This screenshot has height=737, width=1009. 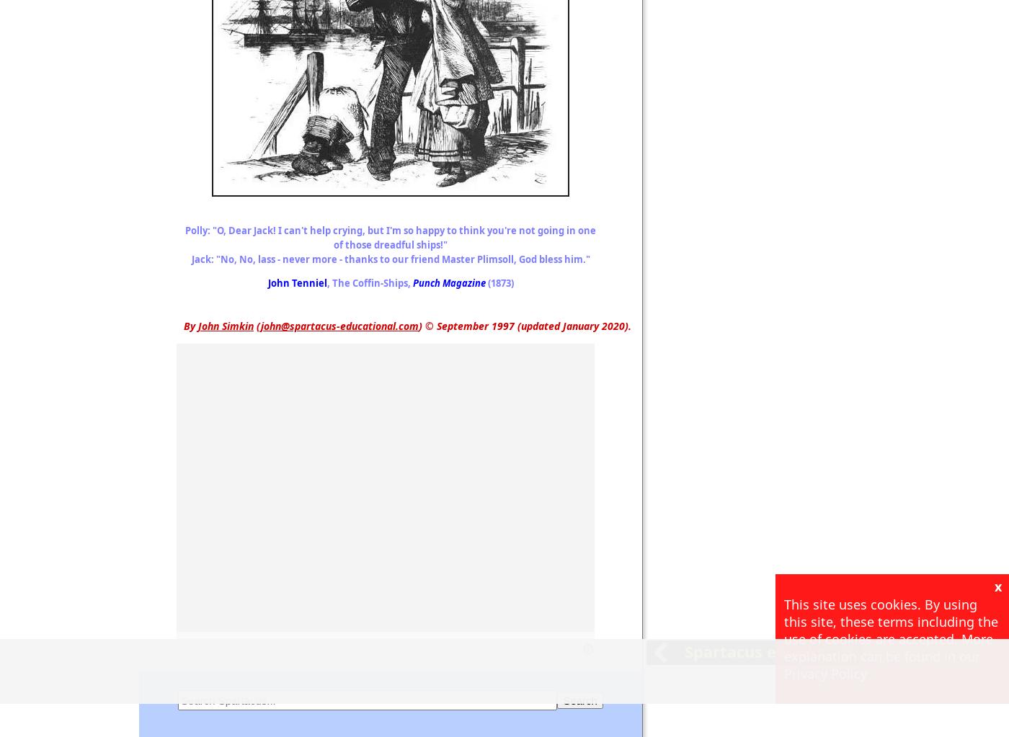 What do you see at coordinates (448, 282) in the screenshot?
I see `'Punch Magazine'` at bounding box center [448, 282].